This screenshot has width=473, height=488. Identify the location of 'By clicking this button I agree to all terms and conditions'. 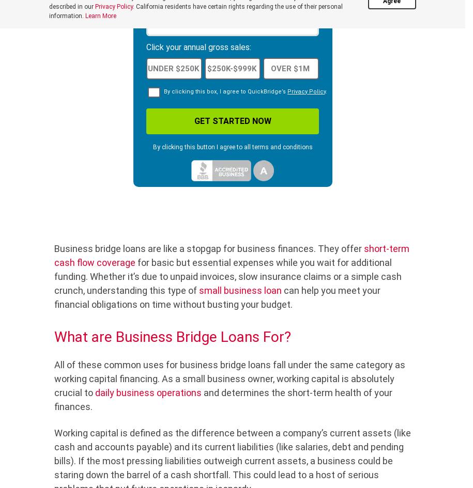
(232, 146).